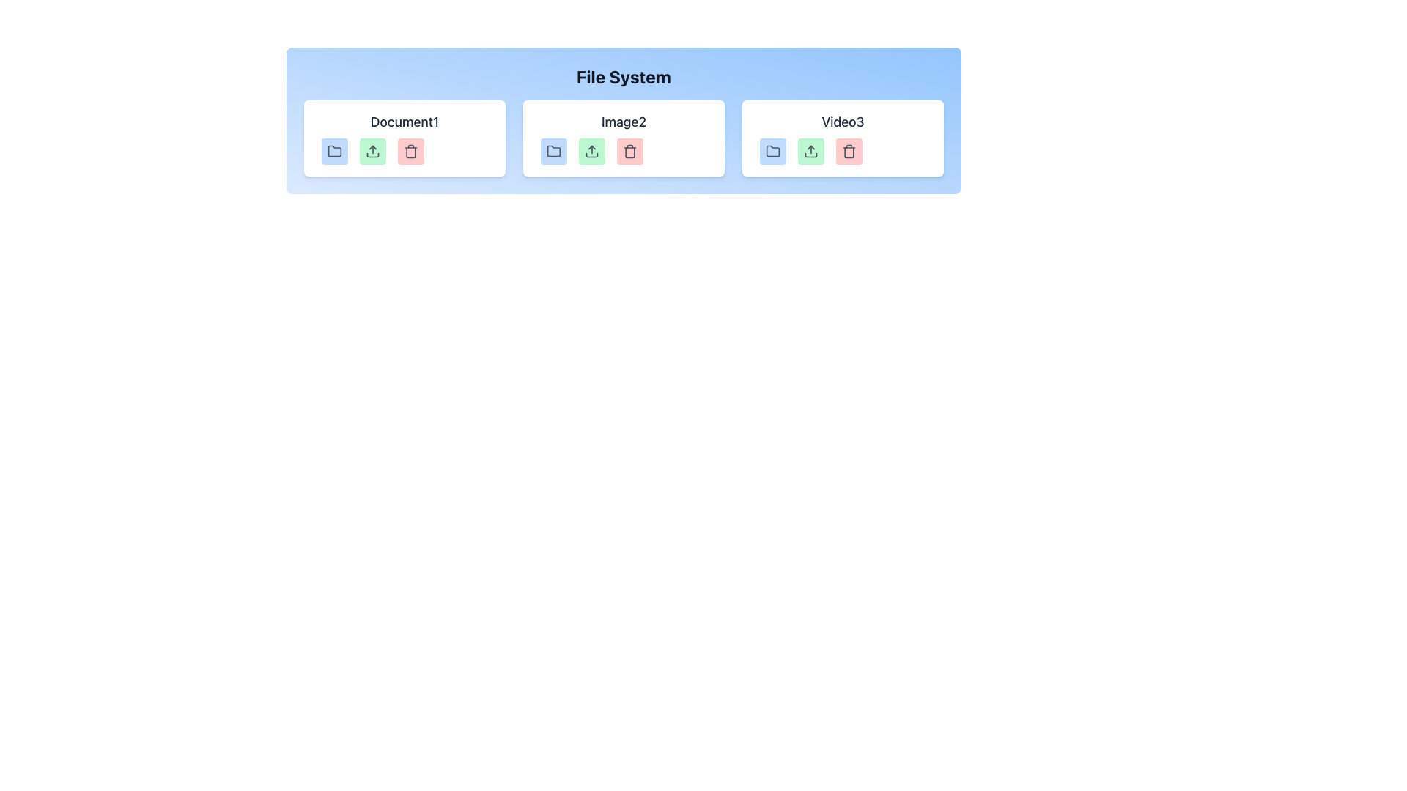 The height and width of the screenshot is (791, 1407). I want to click on the folder icon located, so click(333, 150).